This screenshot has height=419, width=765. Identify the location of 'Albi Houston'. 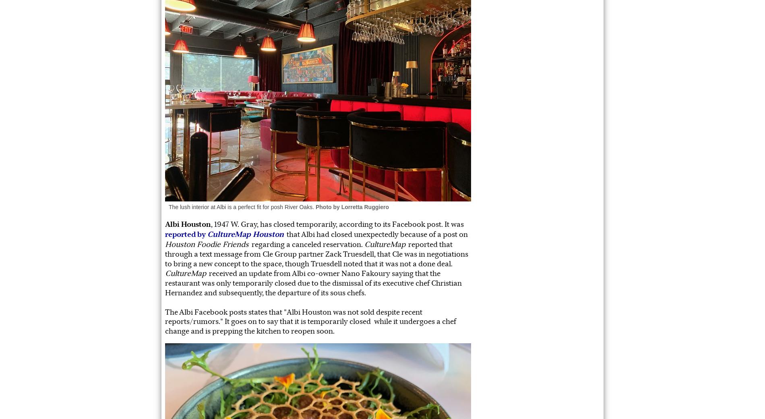
(188, 224).